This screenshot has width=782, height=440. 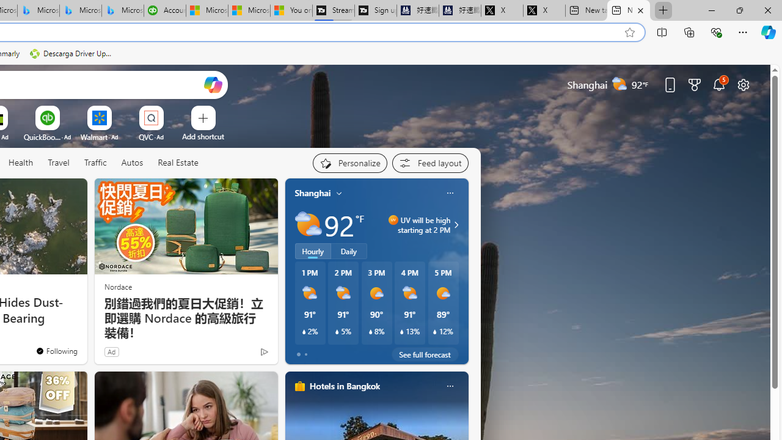 What do you see at coordinates (313, 193) in the screenshot?
I see `'Shanghai'` at bounding box center [313, 193].